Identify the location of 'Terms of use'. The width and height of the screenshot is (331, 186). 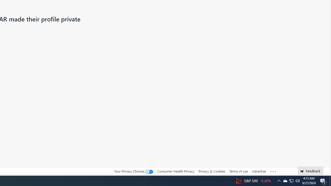
(238, 171).